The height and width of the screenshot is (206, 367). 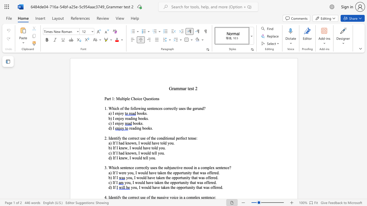 What do you see at coordinates (118, 143) in the screenshot?
I see `the subset text "had known, I would have told you." within the text "a) If I had known, I would have told you."` at bounding box center [118, 143].